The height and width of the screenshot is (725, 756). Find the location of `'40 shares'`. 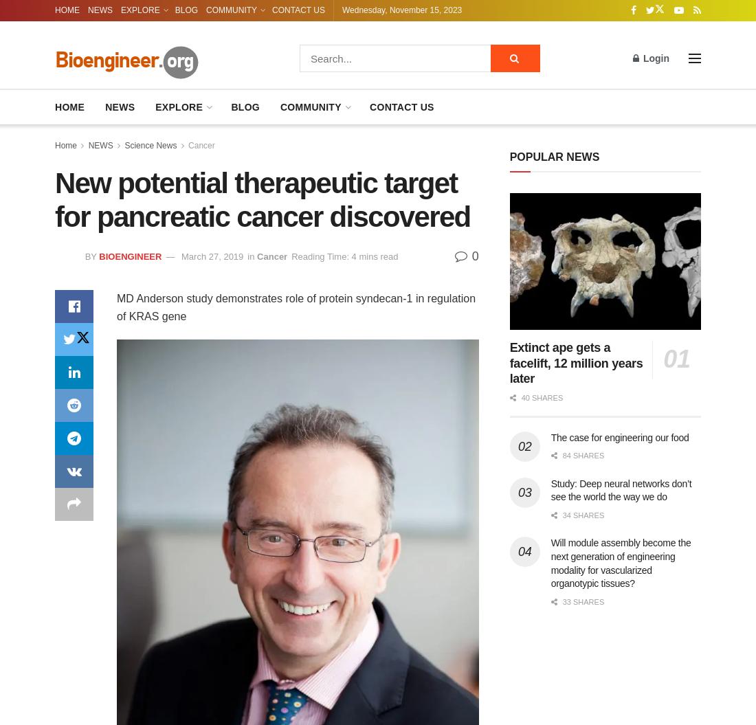

'40 shares' is located at coordinates (541, 397).